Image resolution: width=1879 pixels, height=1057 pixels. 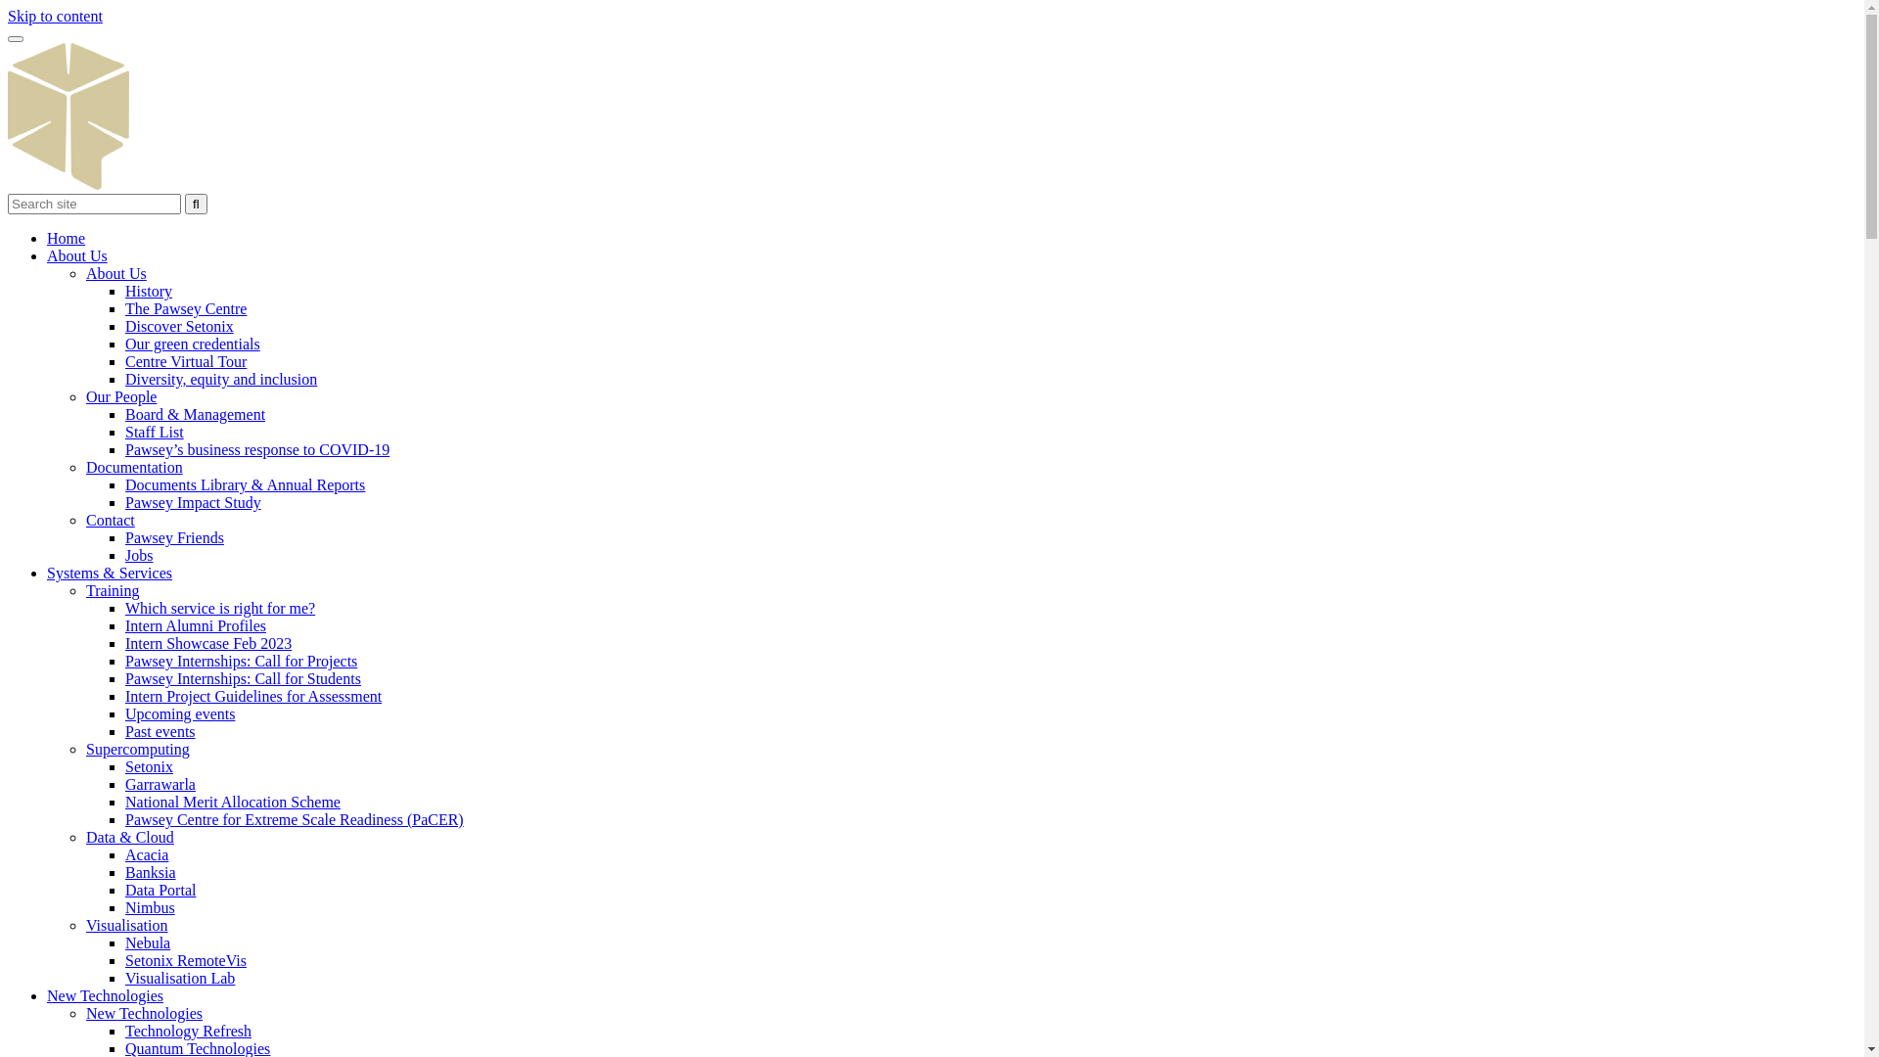 What do you see at coordinates (124, 379) in the screenshot?
I see `'Diversity, equity and inclusion'` at bounding box center [124, 379].